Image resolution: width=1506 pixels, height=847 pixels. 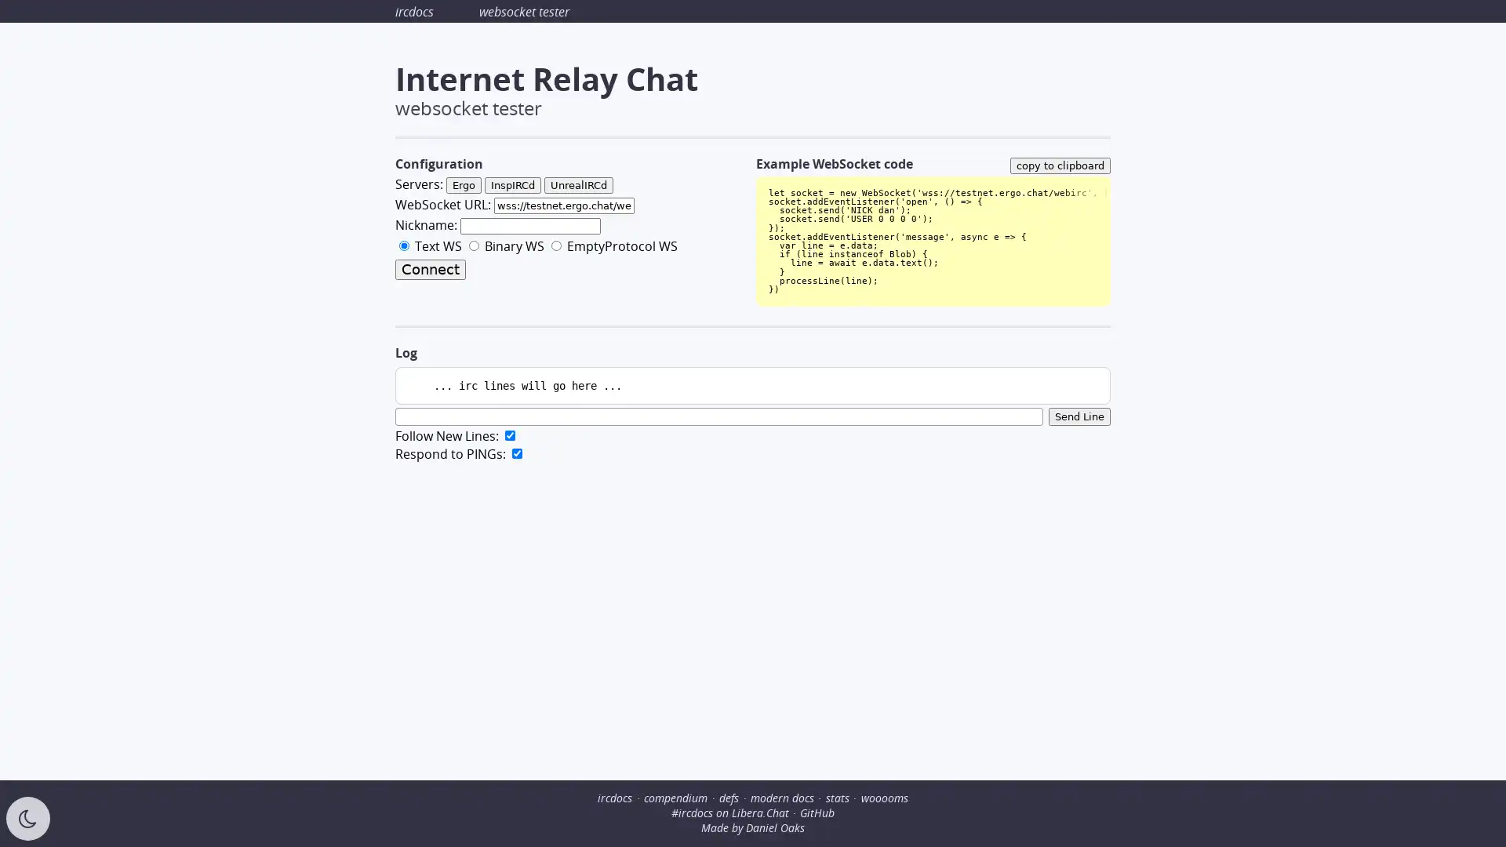 I want to click on copy to clipboard, so click(x=1060, y=165).